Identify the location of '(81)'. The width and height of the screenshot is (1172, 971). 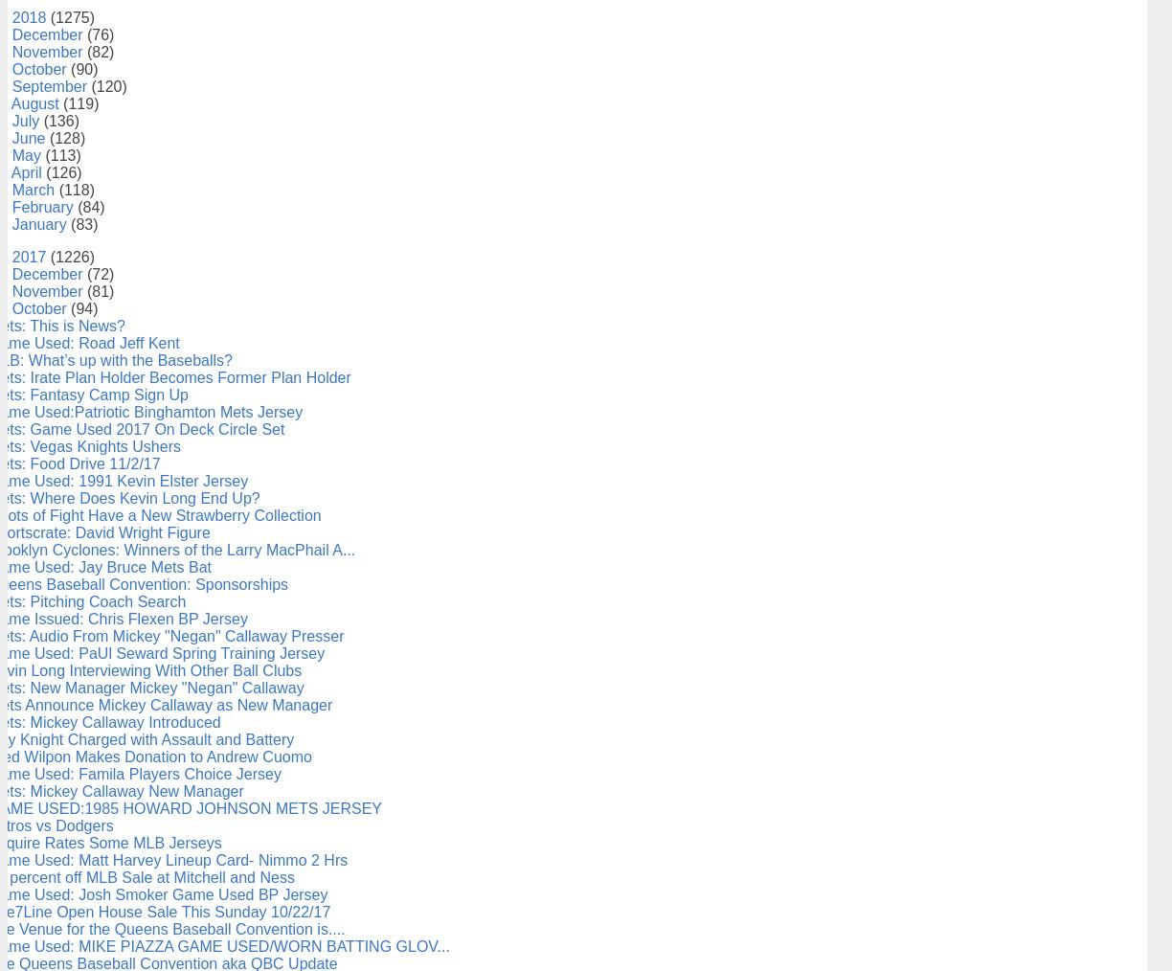
(99, 290).